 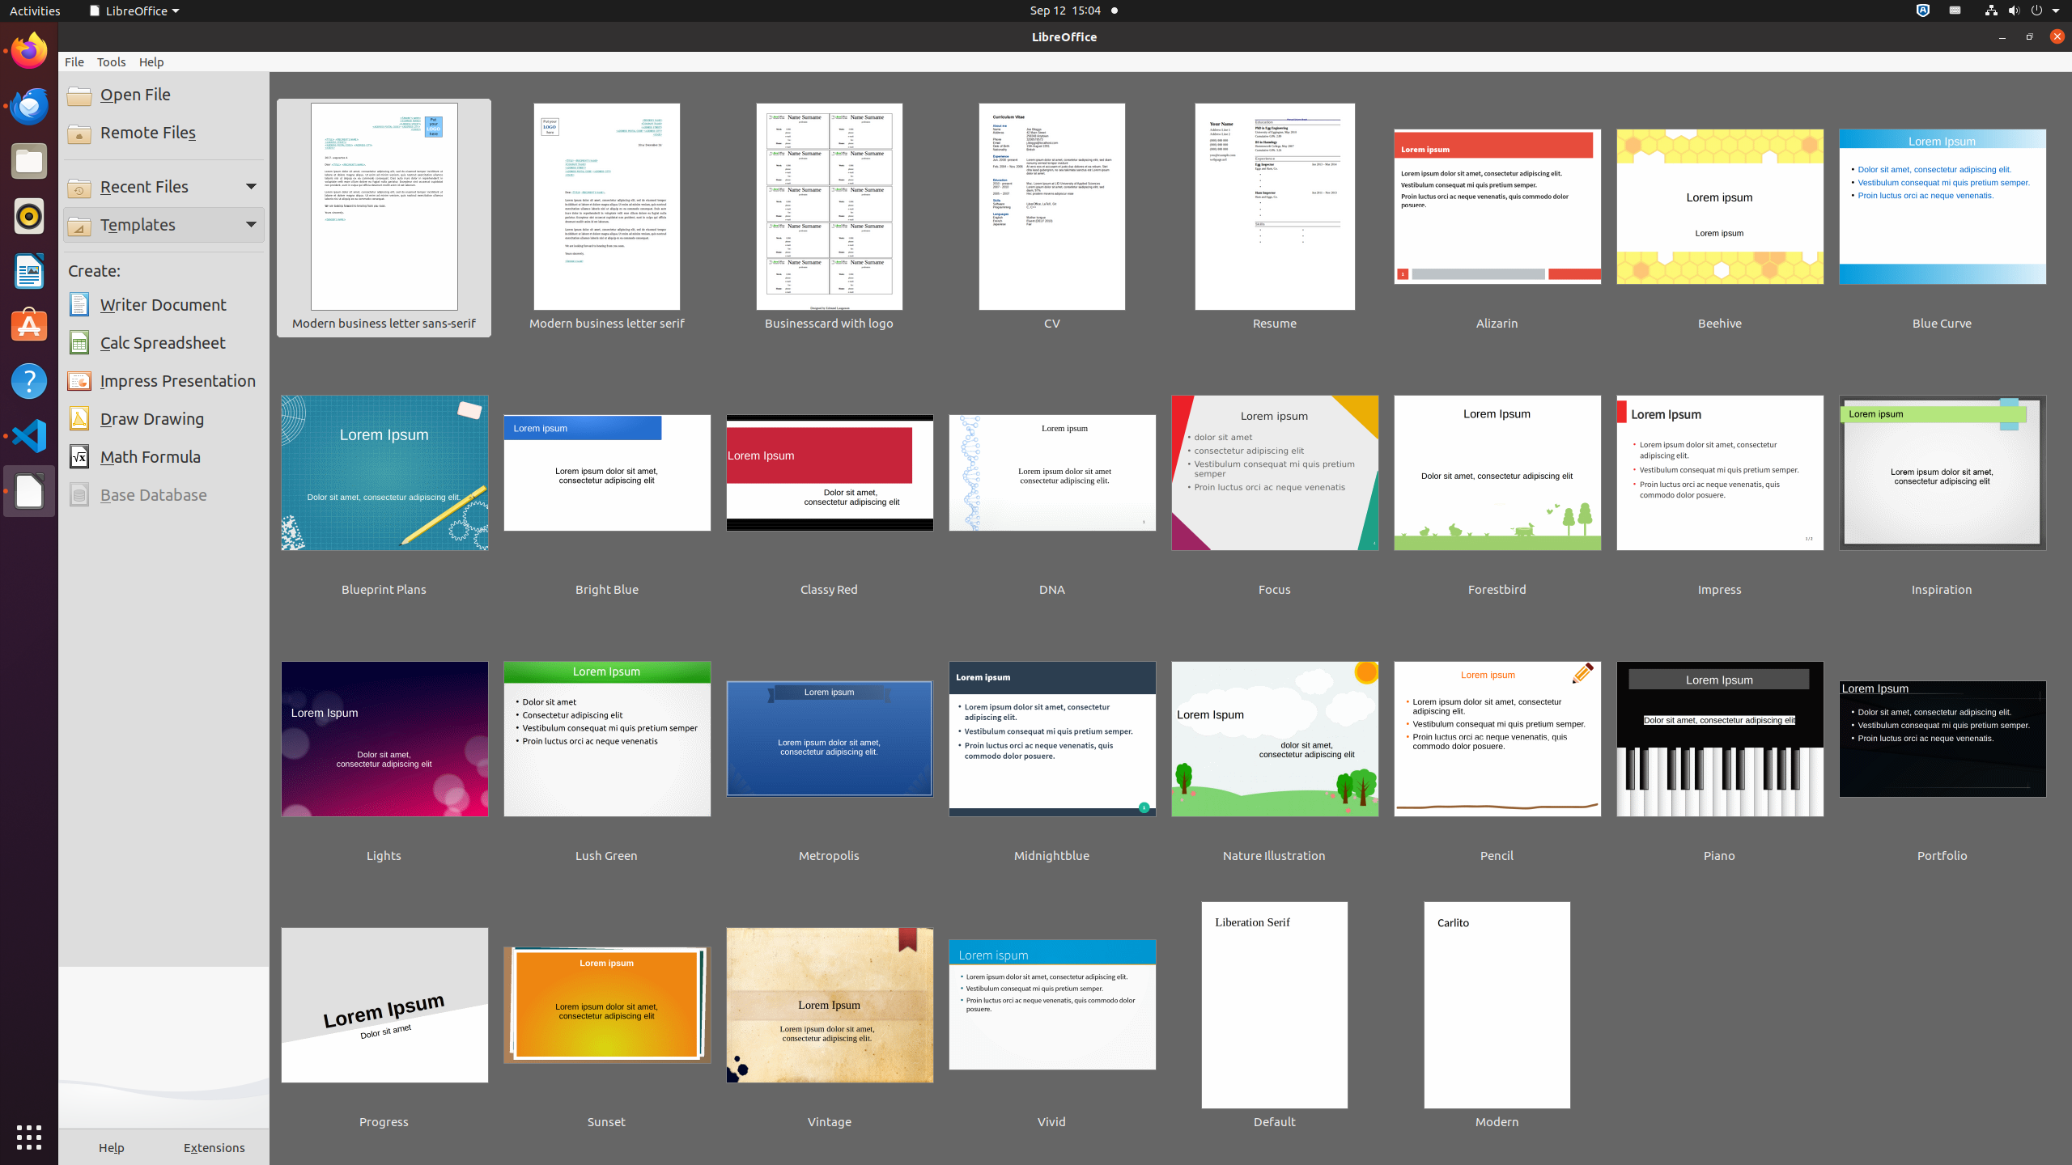 I want to click on 'Inspiration', so click(x=1942, y=484).